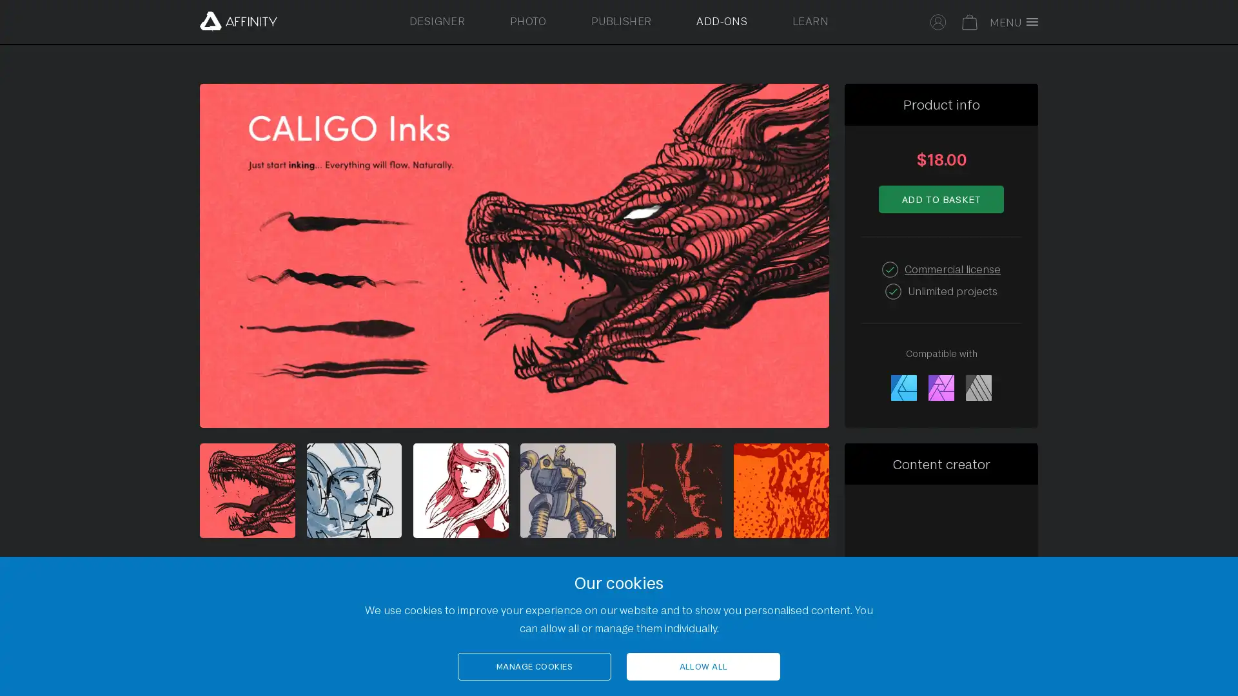 The width and height of the screenshot is (1238, 696). What do you see at coordinates (353, 490) in the screenshot?
I see `Select to view image 2` at bounding box center [353, 490].